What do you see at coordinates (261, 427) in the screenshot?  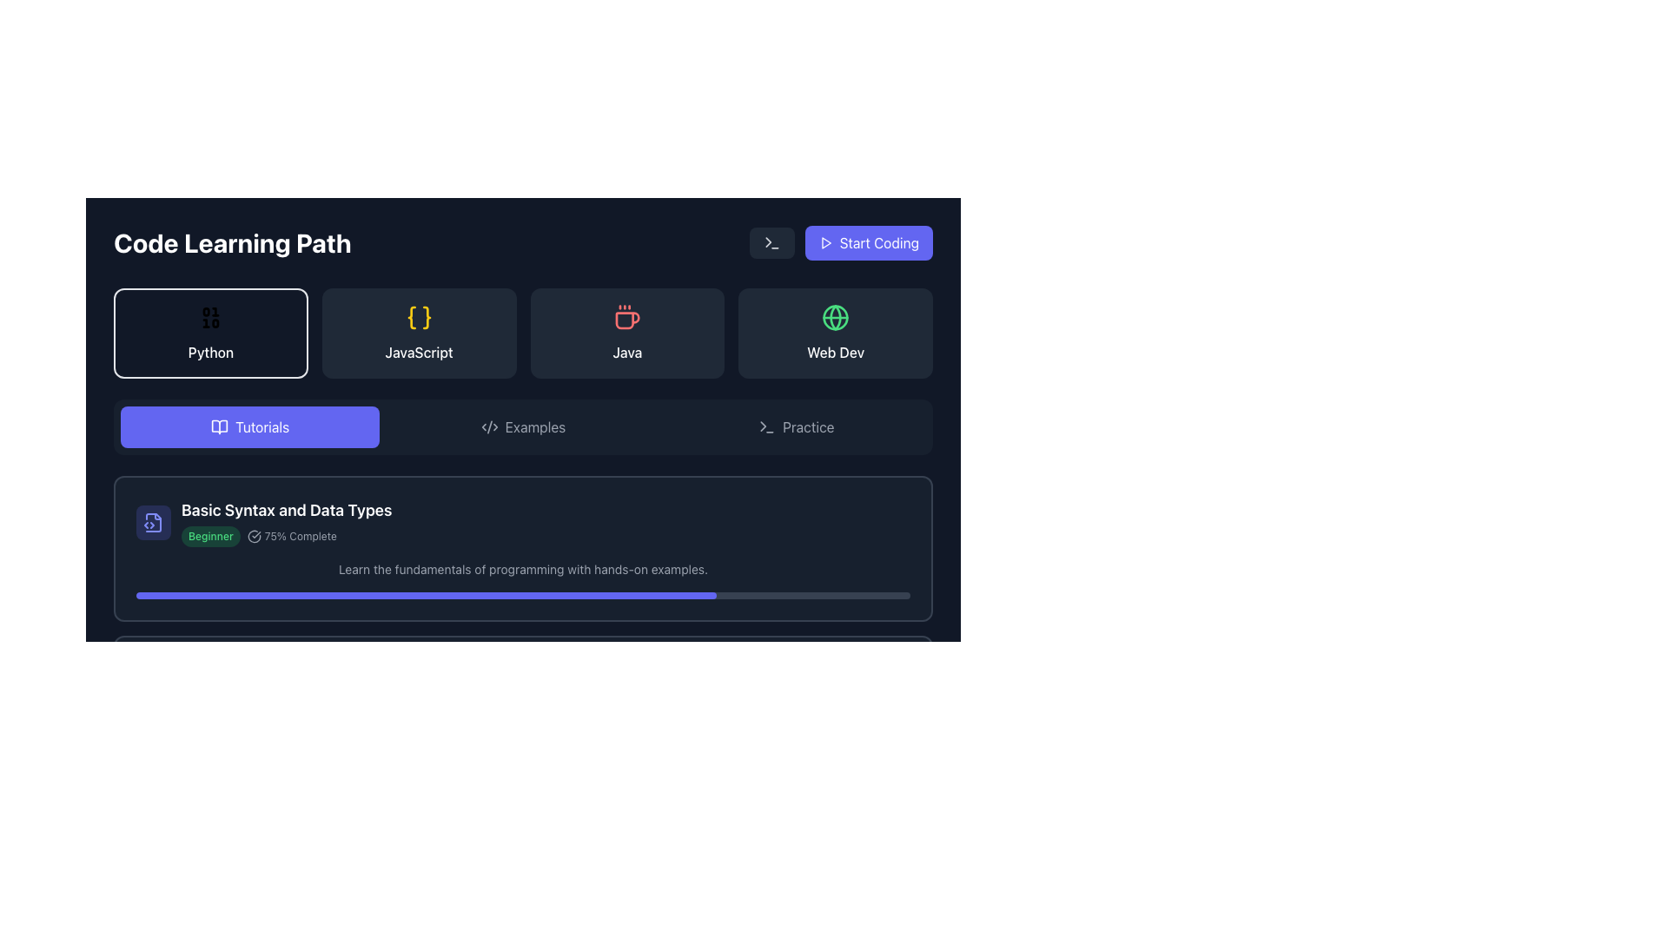 I see `the 'Tutorials' text label, which is displayed in bold white font on a blue button background, located near the middle-left of the interface` at bounding box center [261, 427].